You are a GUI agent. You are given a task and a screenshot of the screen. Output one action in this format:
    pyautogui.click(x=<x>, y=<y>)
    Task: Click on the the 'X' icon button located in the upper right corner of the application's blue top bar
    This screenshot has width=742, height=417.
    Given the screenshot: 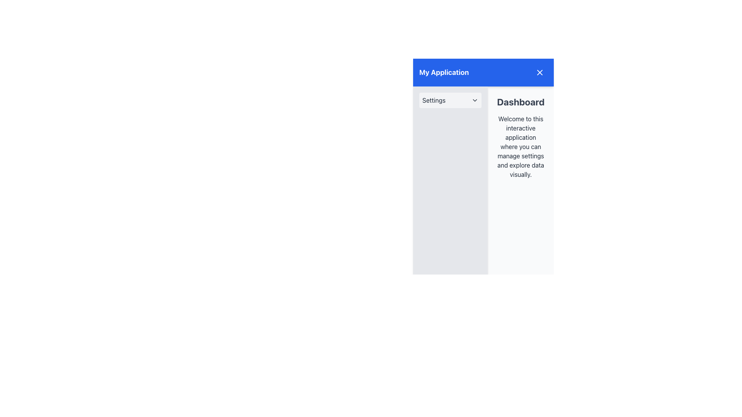 What is the action you would take?
    pyautogui.click(x=539, y=73)
    